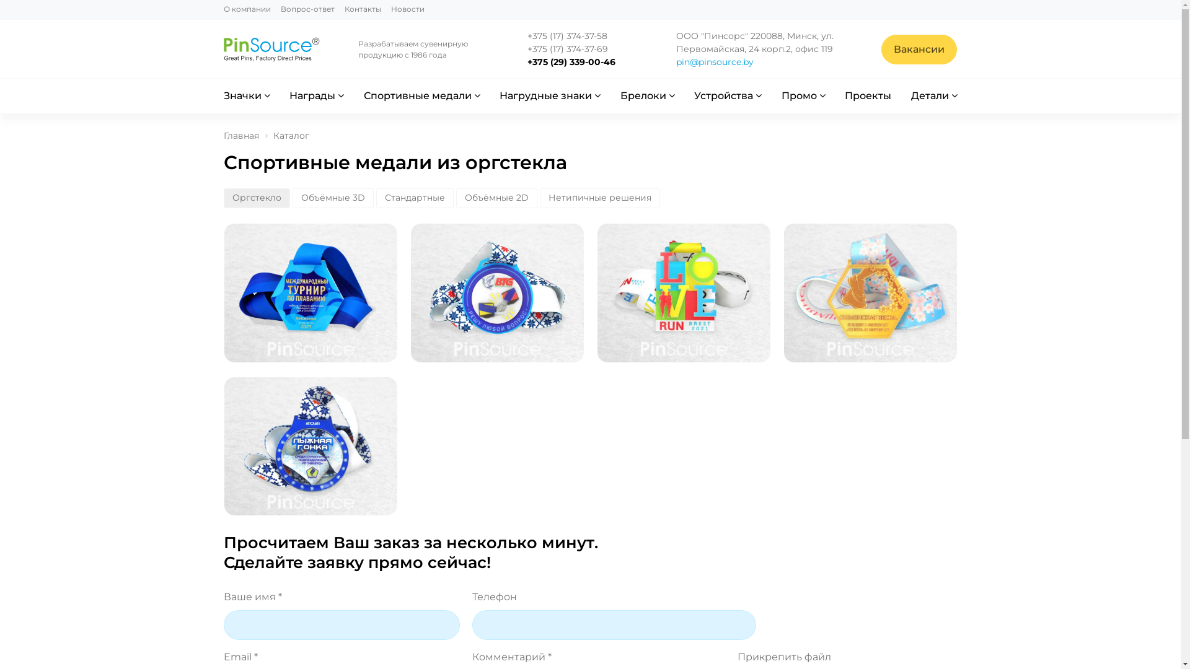 The height and width of the screenshot is (669, 1190). What do you see at coordinates (270, 49) in the screenshot?
I see `'pinsource'` at bounding box center [270, 49].